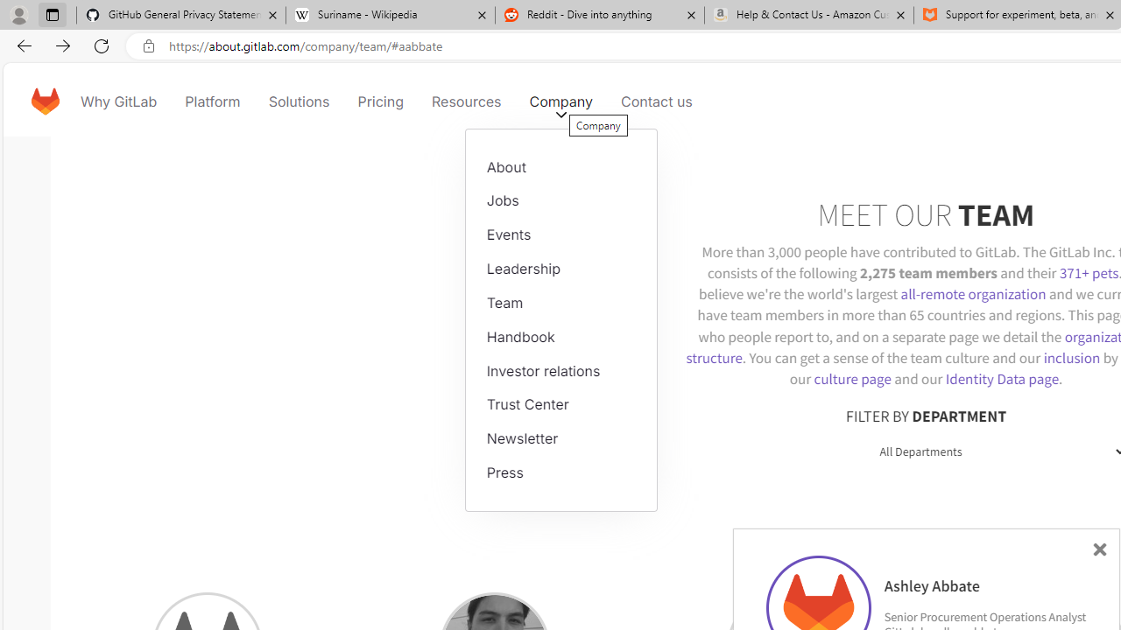 Image resolution: width=1121 pixels, height=630 pixels. I want to click on 'Identity Data page', so click(1002, 378).